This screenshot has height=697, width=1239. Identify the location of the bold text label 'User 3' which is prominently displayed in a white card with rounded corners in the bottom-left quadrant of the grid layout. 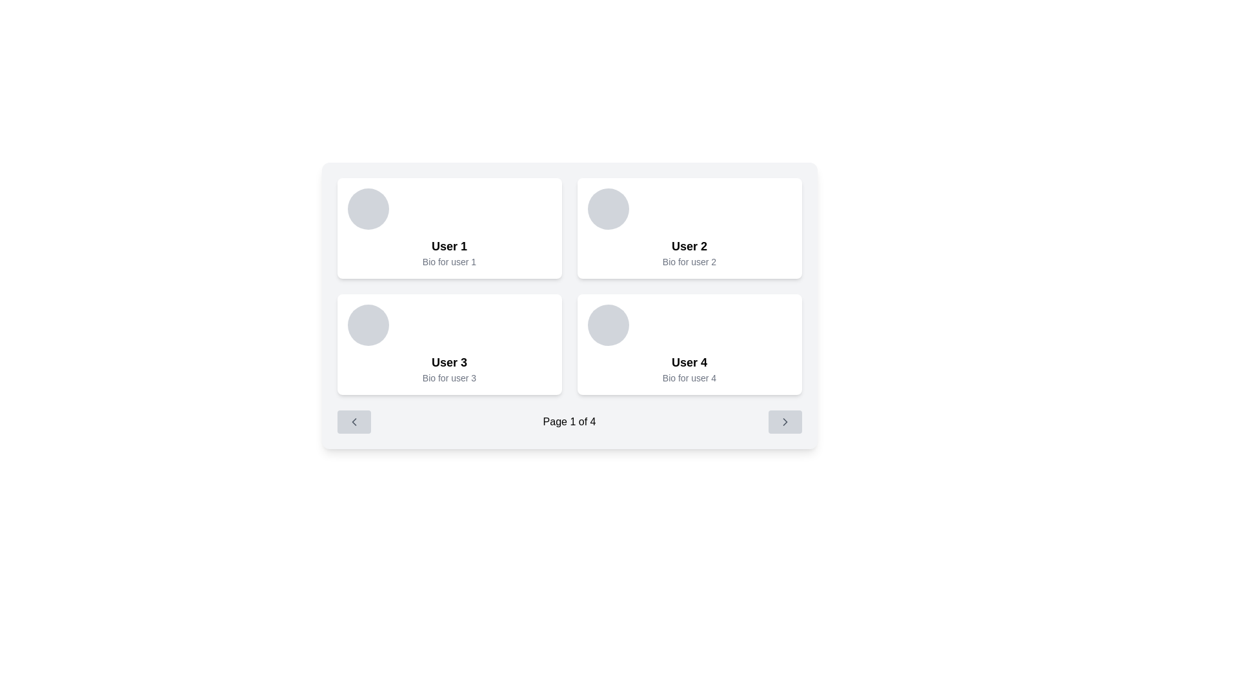
(449, 363).